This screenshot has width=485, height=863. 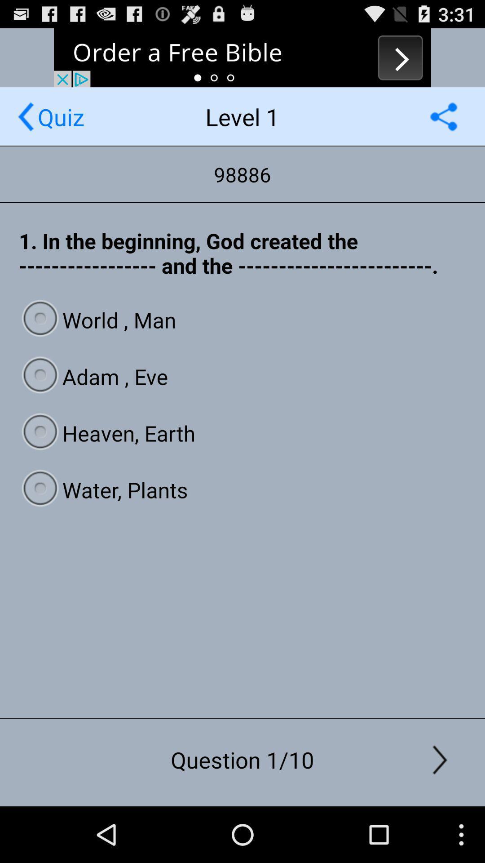 What do you see at coordinates (242, 57) in the screenshot?
I see `previous` at bounding box center [242, 57].